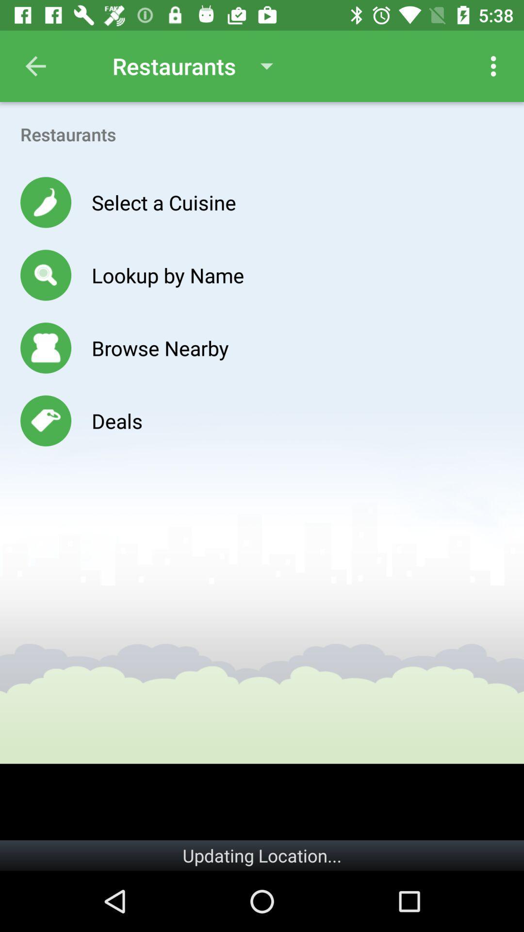 The width and height of the screenshot is (524, 932). Describe the element at coordinates (116, 421) in the screenshot. I see `deals icon` at that location.